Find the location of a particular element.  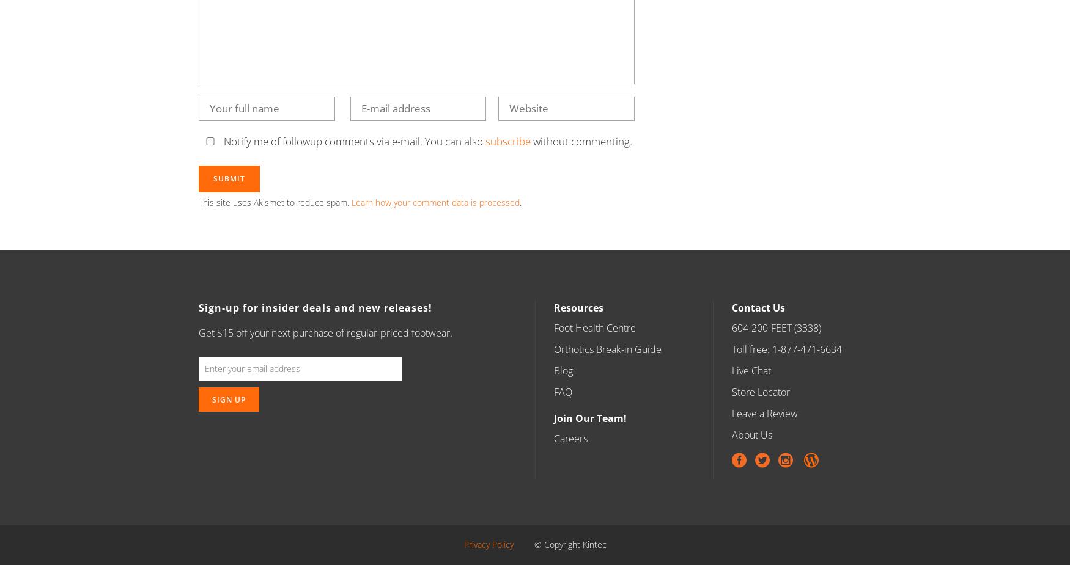

'Orthotics Break-in Guide' is located at coordinates (553, 349).